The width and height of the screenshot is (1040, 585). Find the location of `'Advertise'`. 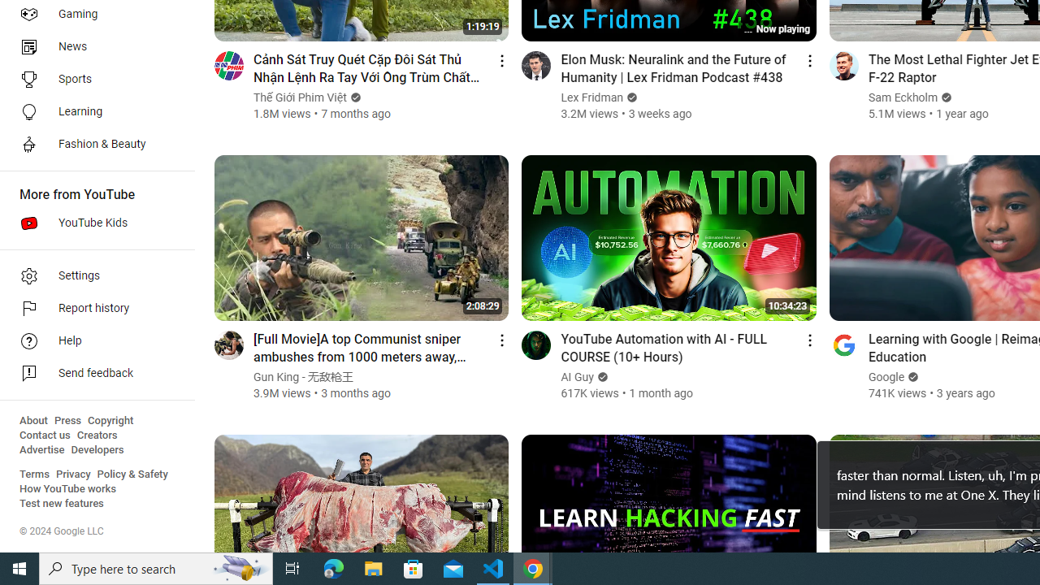

'Advertise' is located at coordinates (41, 450).